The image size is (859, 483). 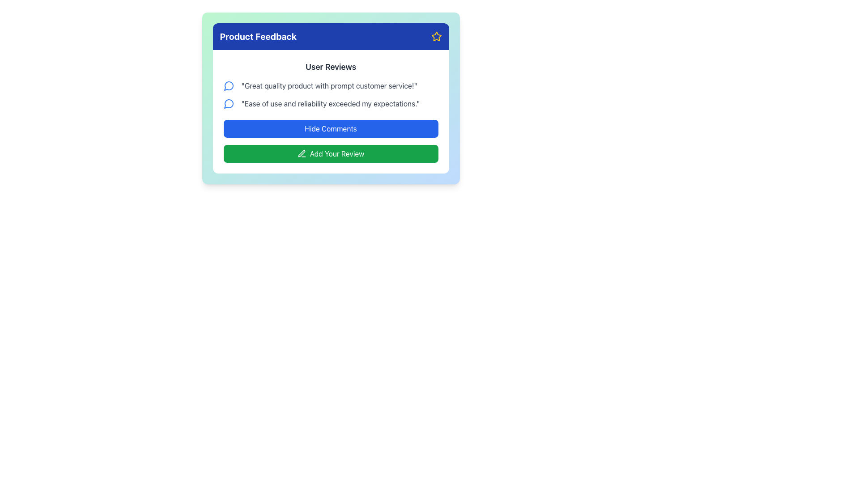 I want to click on the 'Add Your Review' text element, which is styled with a white sans-serif font against a green background and is located within a button adjacent to a pen icon, so click(x=336, y=153).